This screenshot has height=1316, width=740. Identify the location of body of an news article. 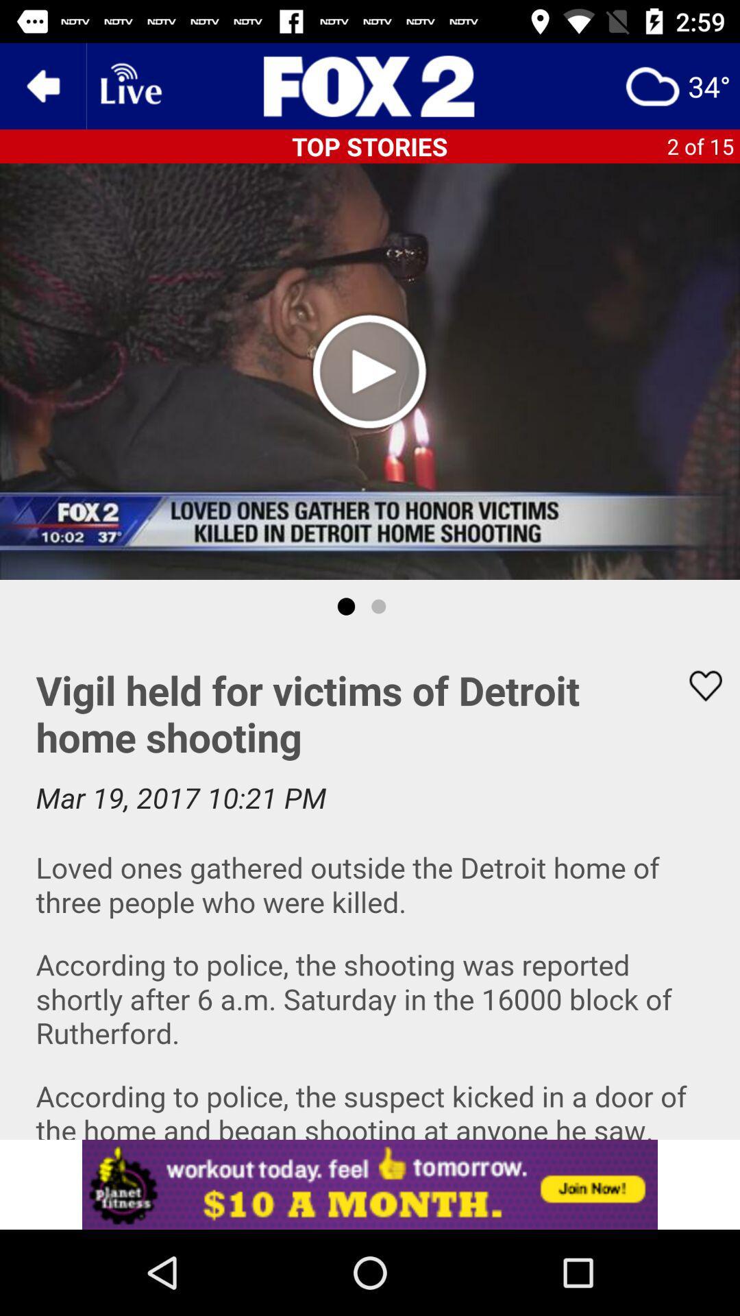
(370, 886).